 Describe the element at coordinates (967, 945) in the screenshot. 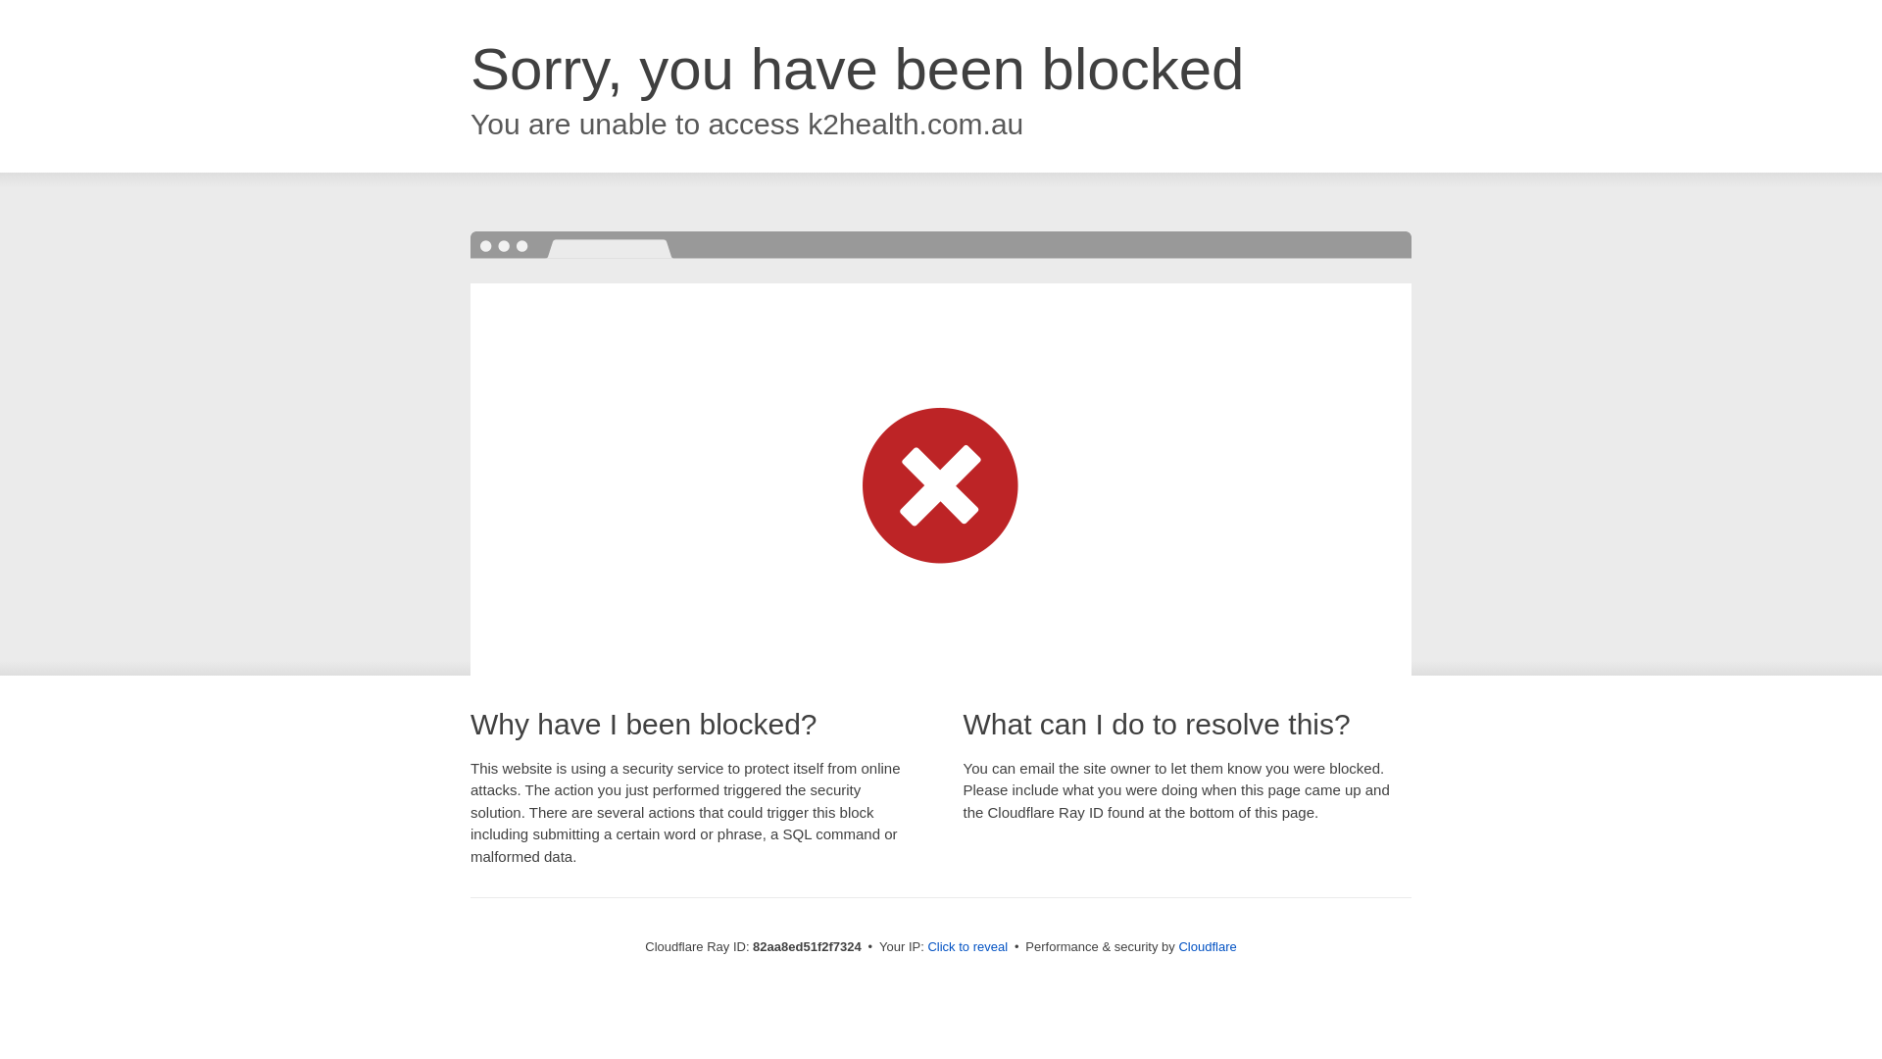

I see `'Click to reveal'` at that location.